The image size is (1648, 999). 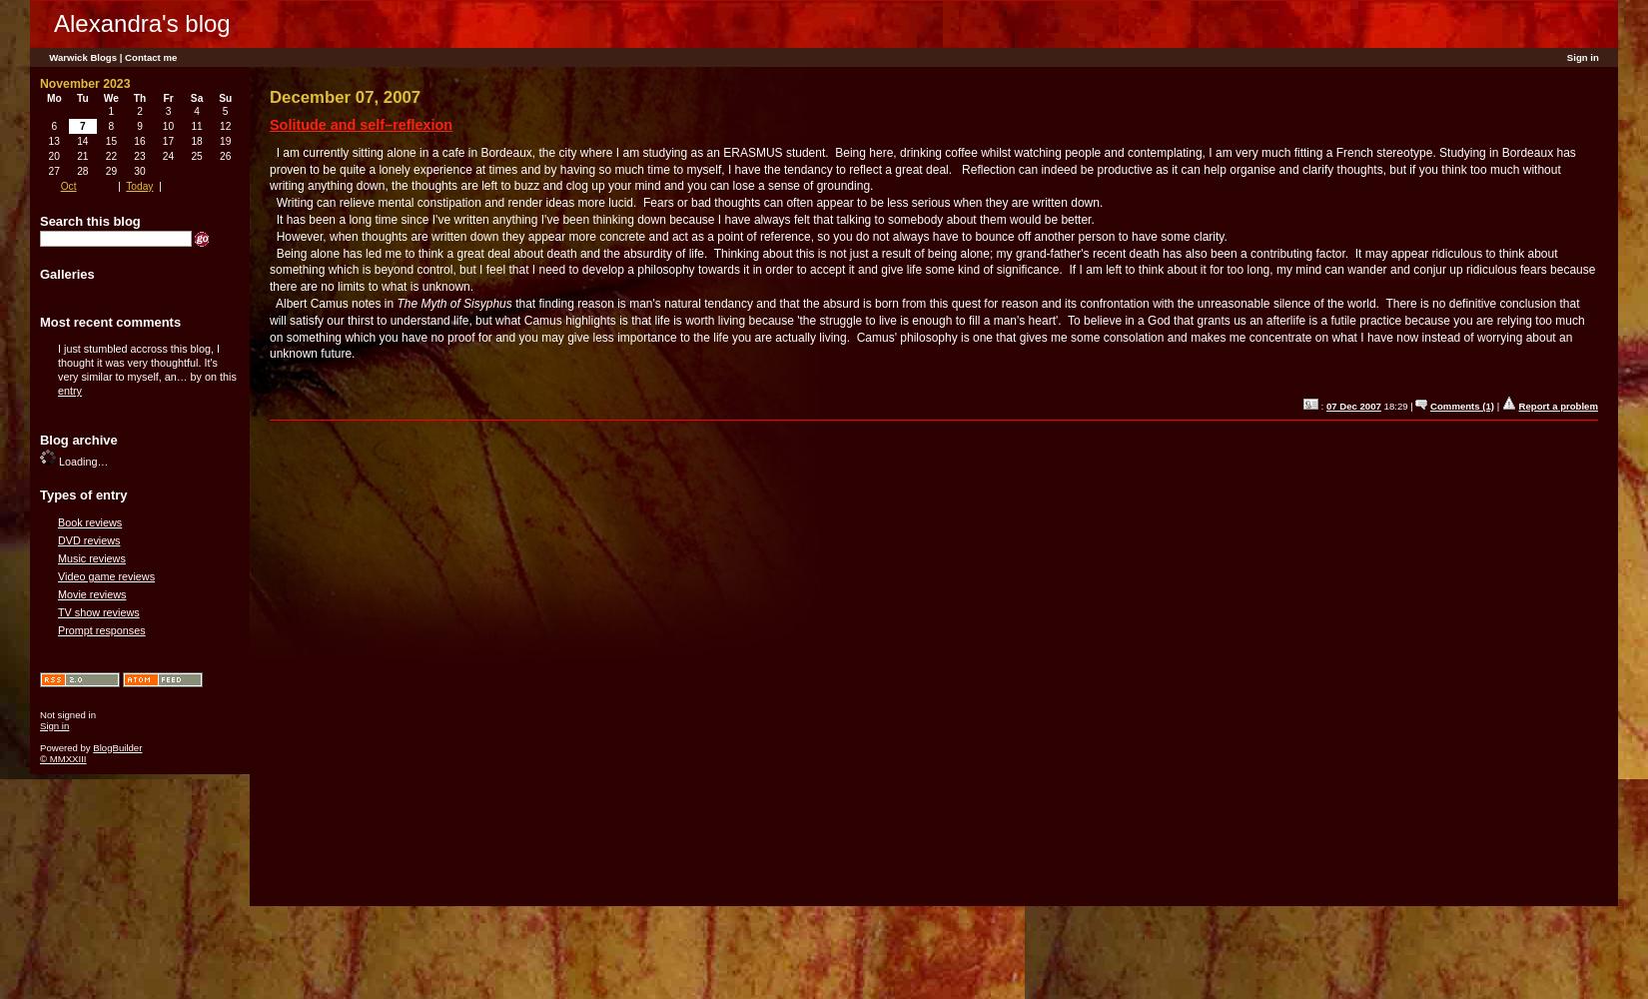 What do you see at coordinates (78, 439) in the screenshot?
I see `'Blog archive'` at bounding box center [78, 439].